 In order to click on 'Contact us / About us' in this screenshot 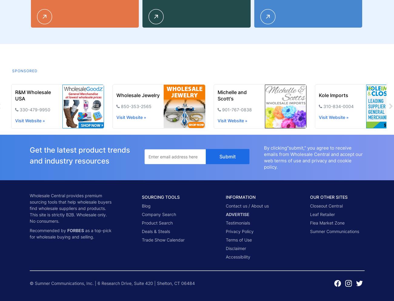, I will do `click(247, 205)`.